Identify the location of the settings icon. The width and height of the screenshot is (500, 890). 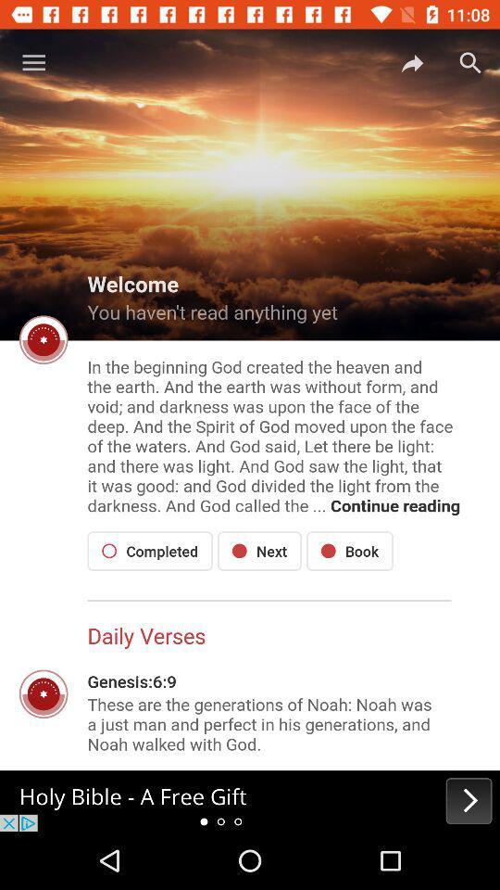
(44, 338).